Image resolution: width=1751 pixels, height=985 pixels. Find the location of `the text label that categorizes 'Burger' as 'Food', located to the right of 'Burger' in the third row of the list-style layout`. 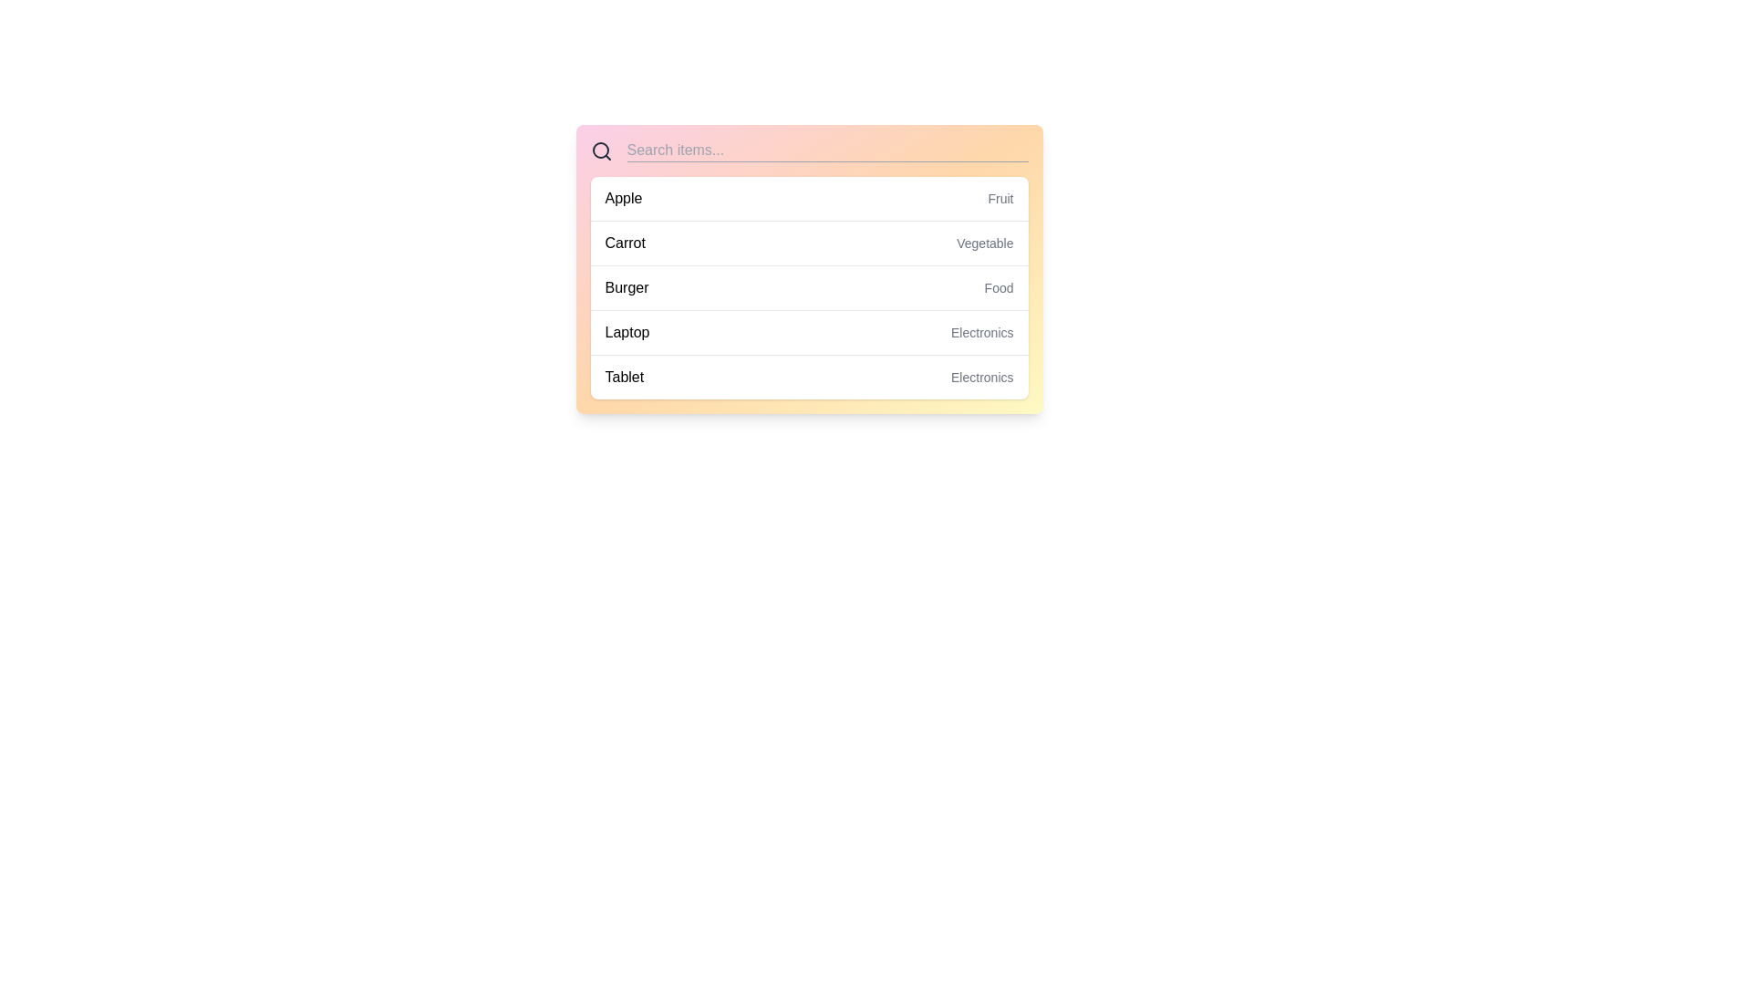

the text label that categorizes 'Burger' as 'Food', located to the right of 'Burger' in the third row of the list-style layout is located at coordinates (998, 287).